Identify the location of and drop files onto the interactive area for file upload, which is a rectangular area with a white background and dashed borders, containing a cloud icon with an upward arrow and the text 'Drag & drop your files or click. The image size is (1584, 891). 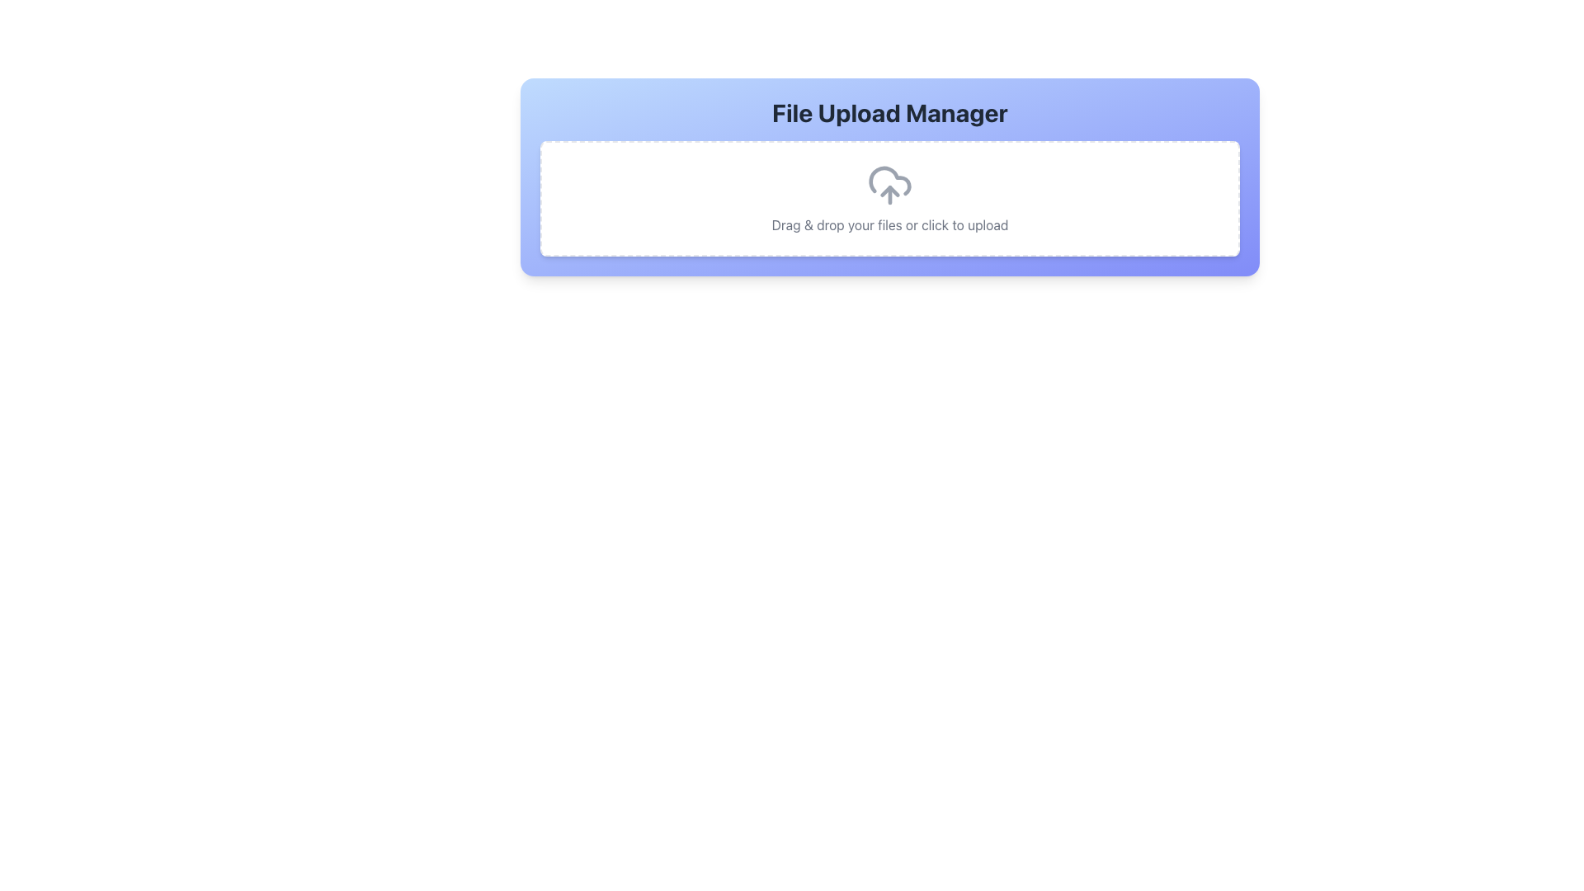
(889, 197).